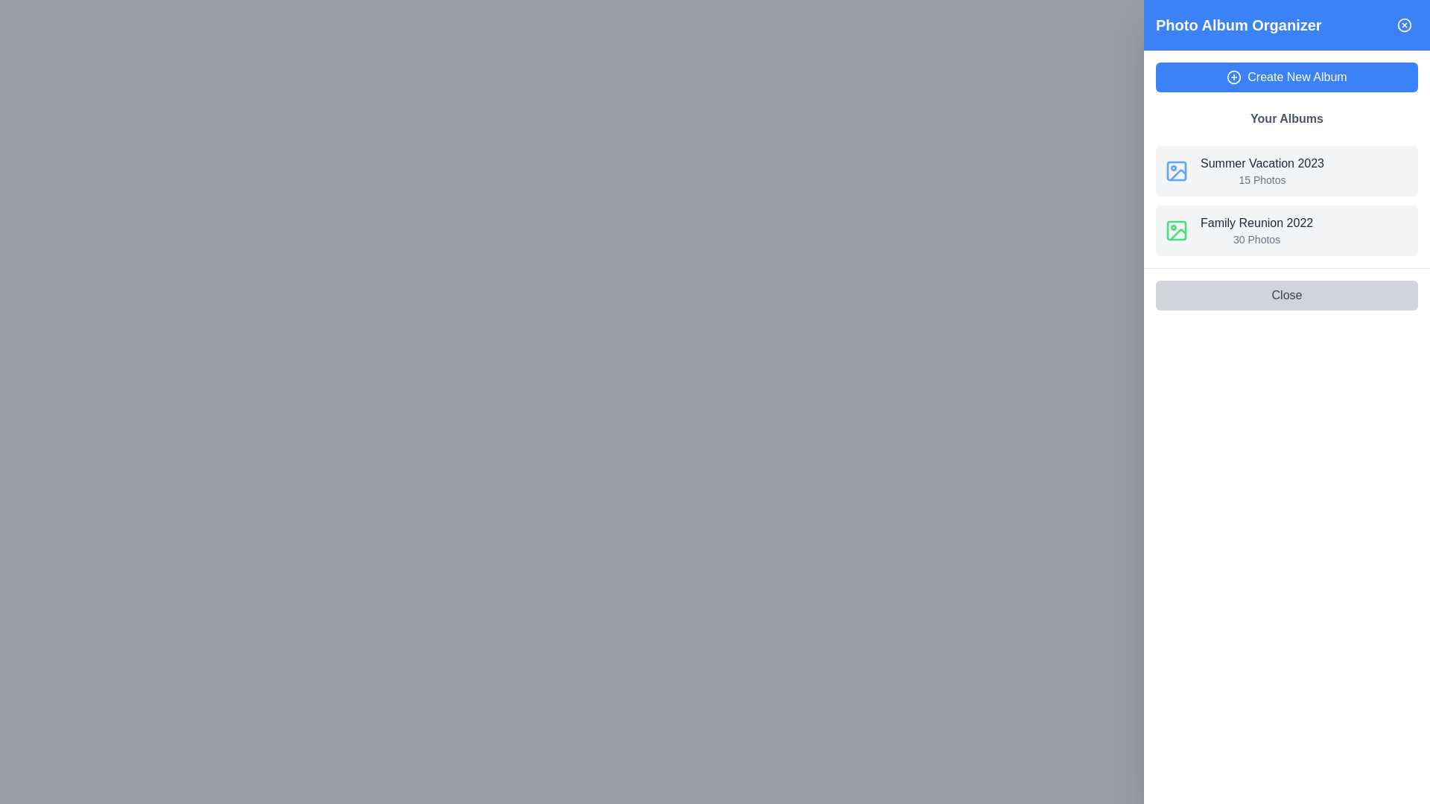  What do you see at coordinates (1256, 238) in the screenshot?
I see `the '30 Photos' text label located below 'Family Reunion 2022' in the 'Your Albums' section` at bounding box center [1256, 238].